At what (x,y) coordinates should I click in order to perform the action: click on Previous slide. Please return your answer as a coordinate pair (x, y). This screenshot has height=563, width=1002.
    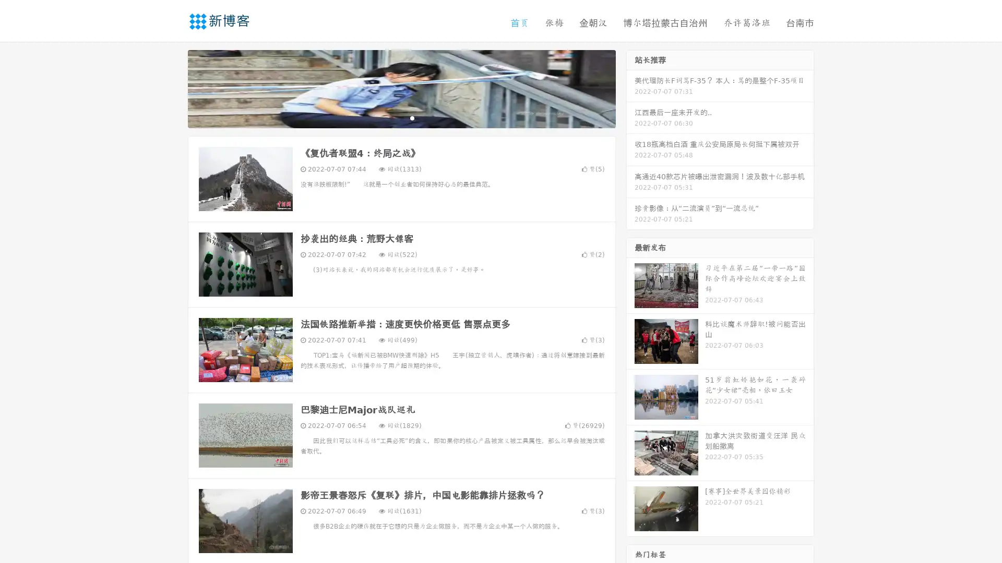
    Looking at the image, I should click on (172, 88).